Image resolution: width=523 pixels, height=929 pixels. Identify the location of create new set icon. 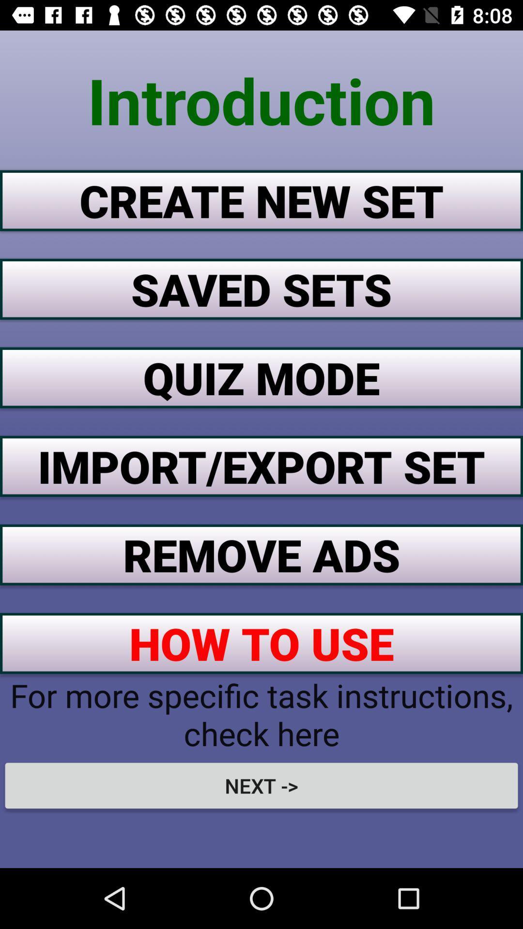
(261, 200).